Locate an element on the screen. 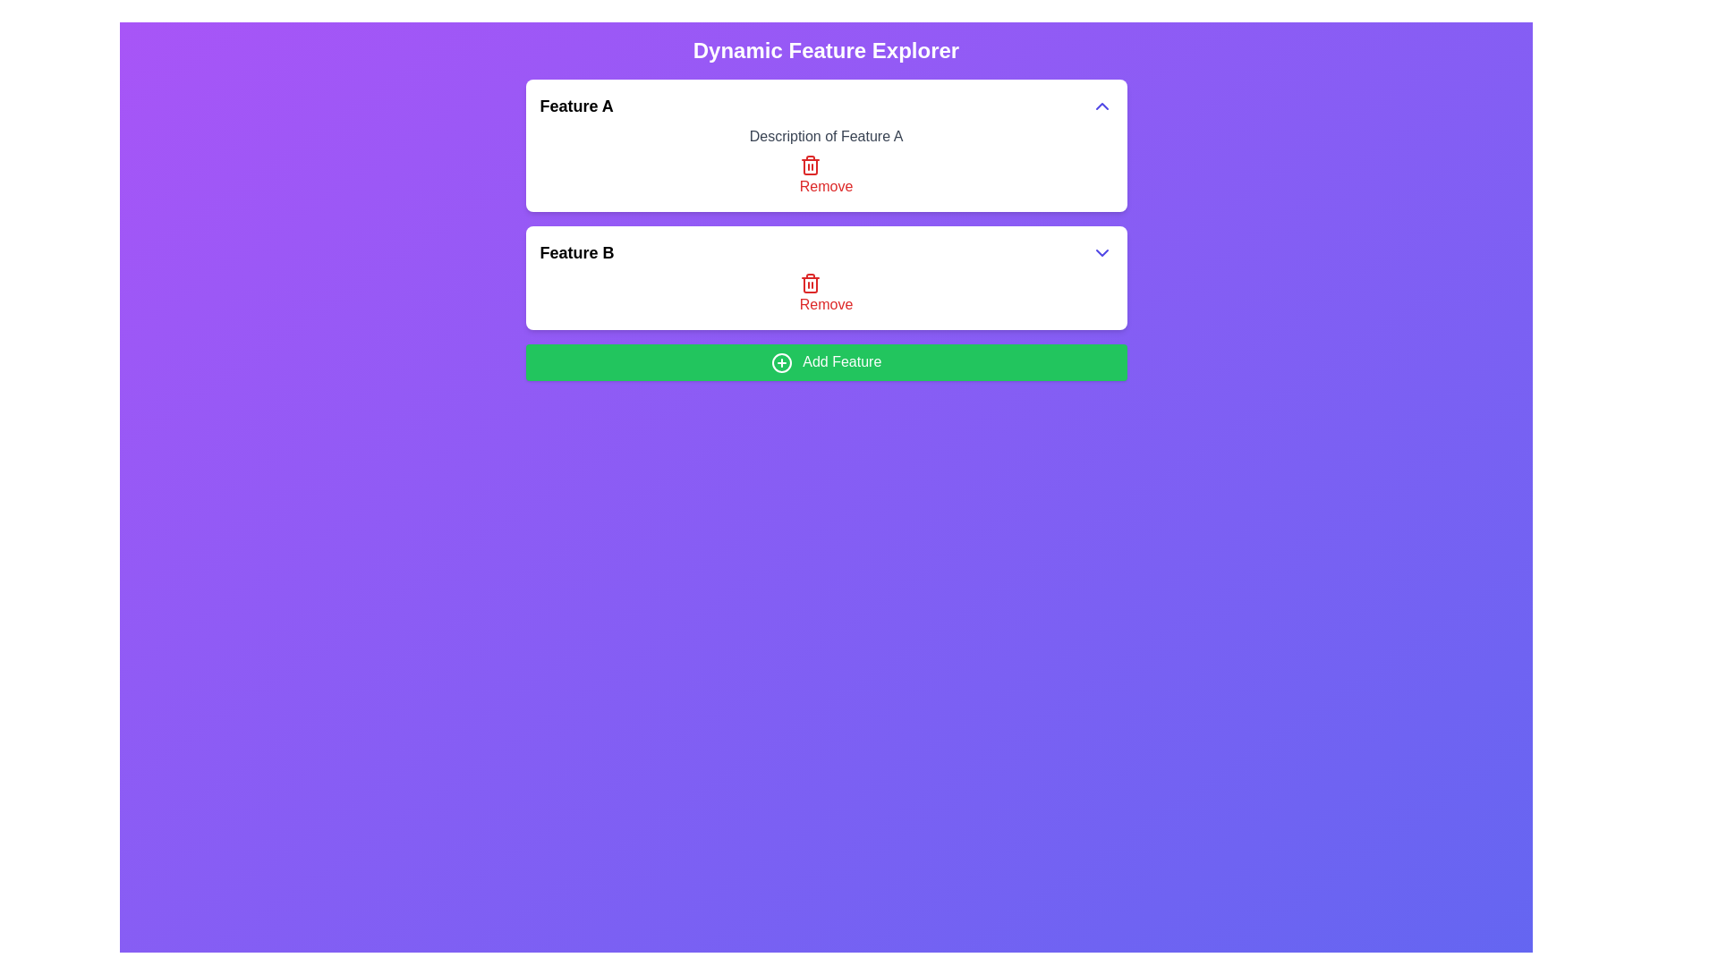  the right side of the trash can icon, which visually represents the delete functionality is located at coordinates (809, 166).